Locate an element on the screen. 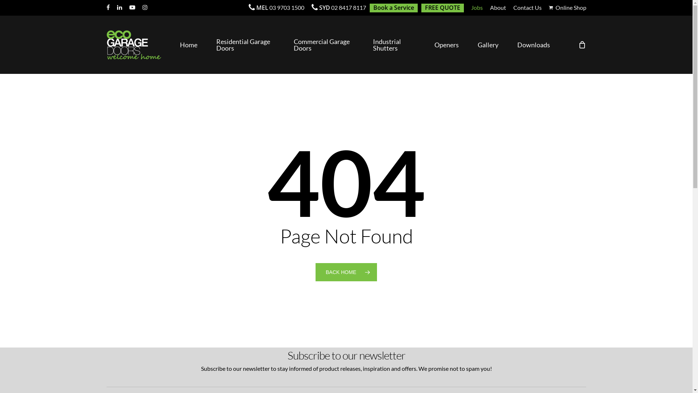  'FREE QUOTE' is located at coordinates (442, 8).